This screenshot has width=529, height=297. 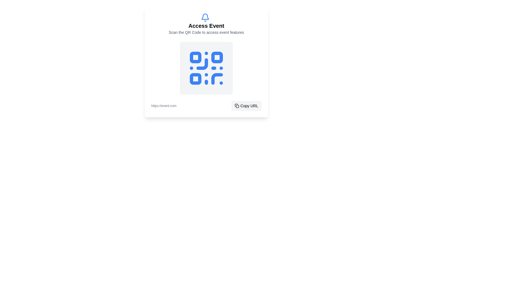 What do you see at coordinates (237, 106) in the screenshot?
I see `the 'Copy URL' icon located inside the 'Copy URL' button at the bottom-right corner of the main card interface` at bounding box center [237, 106].